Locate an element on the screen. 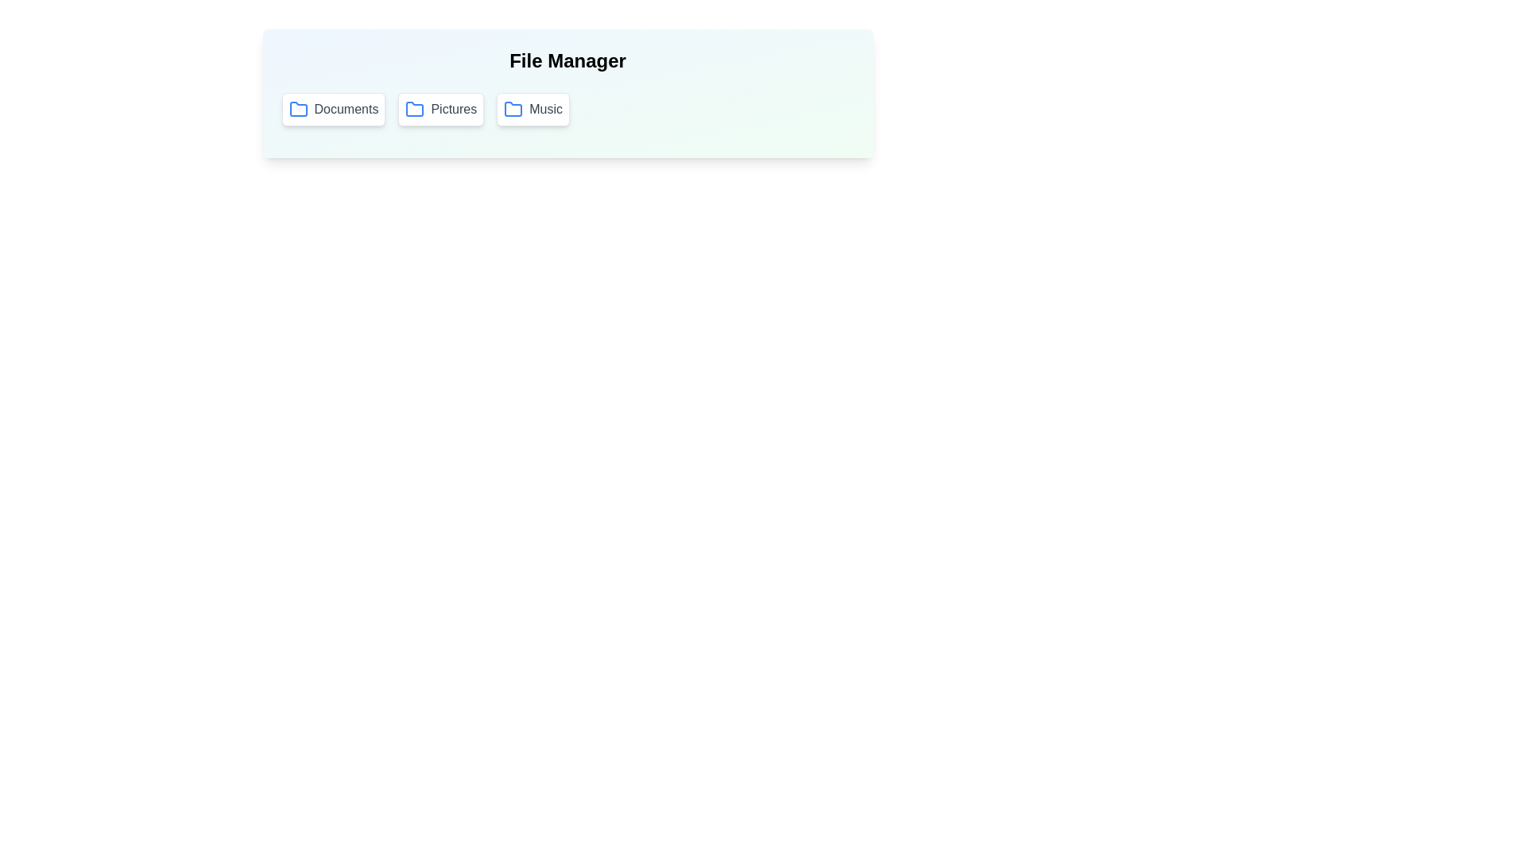 This screenshot has width=1526, height=858. the folder button labeled Pictures is located at coordinates (441, 109).